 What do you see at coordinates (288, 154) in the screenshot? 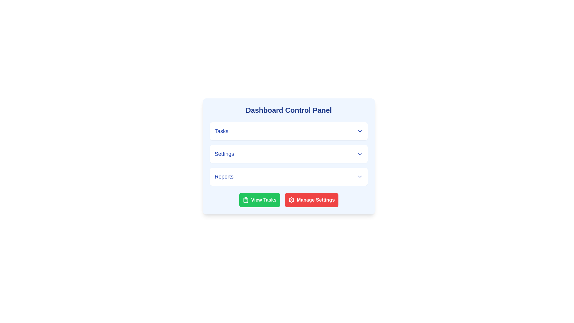
I see `the 'Settings' entry in the dropdown menu using keyboard navigation, located in the Dashboard Control Panel` at bounding box center [288, 154].